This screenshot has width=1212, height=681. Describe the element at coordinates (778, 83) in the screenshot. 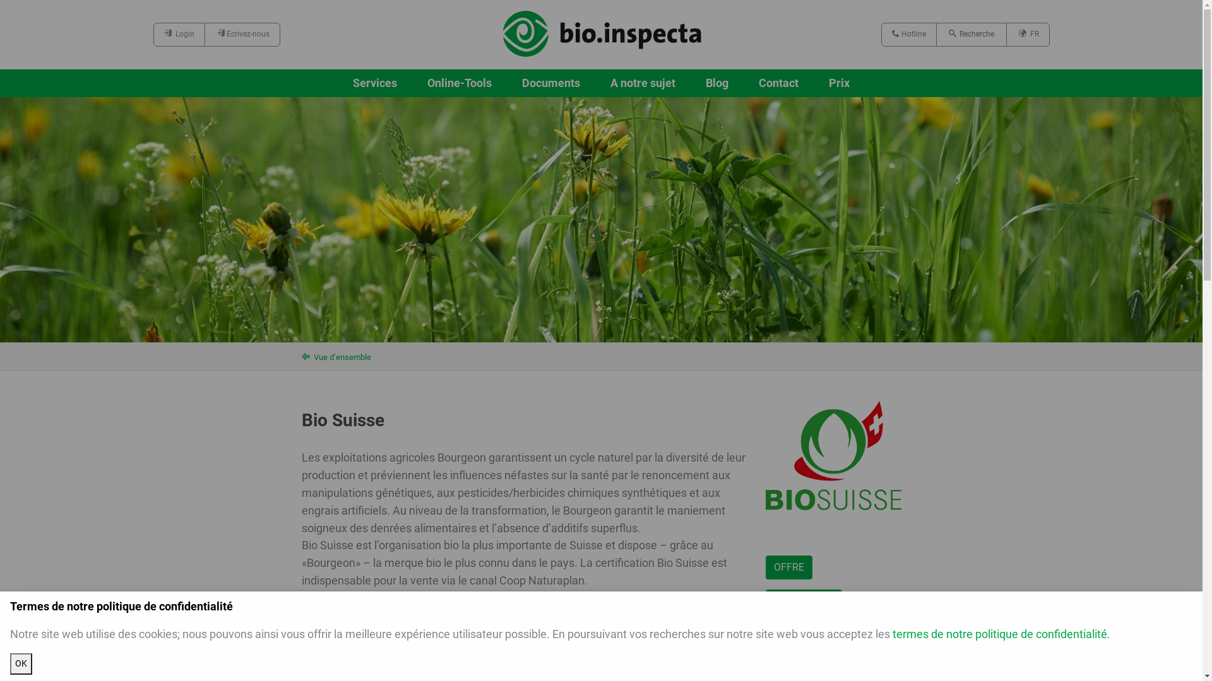

I see `'Contact'` at that location.